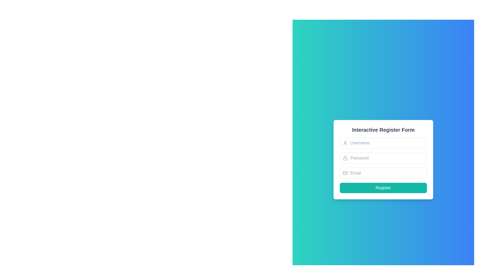 Image resolution: width=498 pixels, height=280 pixels. What do you see at coordinates (345, 173) in the screenshot?
I see `SVG graphical element that represents the envelope icon near the email input field in the interactive registration form by using the developer tools` at bounding box center [345, 173].